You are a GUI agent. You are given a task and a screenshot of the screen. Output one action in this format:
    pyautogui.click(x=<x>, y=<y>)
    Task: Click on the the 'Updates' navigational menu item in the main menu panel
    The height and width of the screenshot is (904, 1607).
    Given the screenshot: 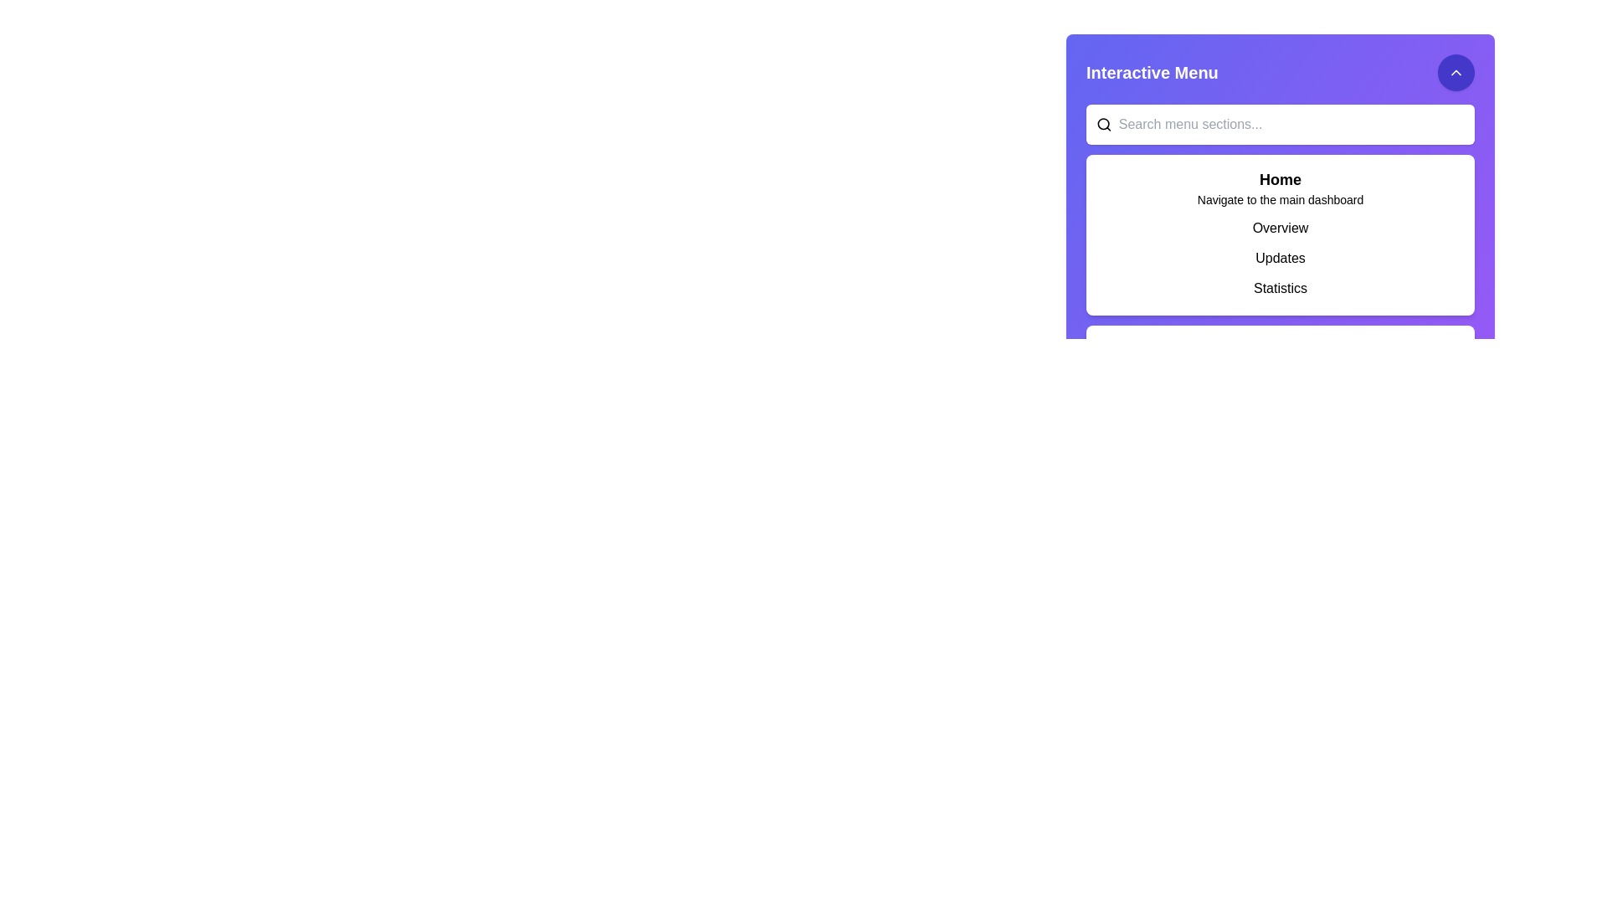 What is the action you would take?
    pyautogui.click(x=1280, y=258)
    